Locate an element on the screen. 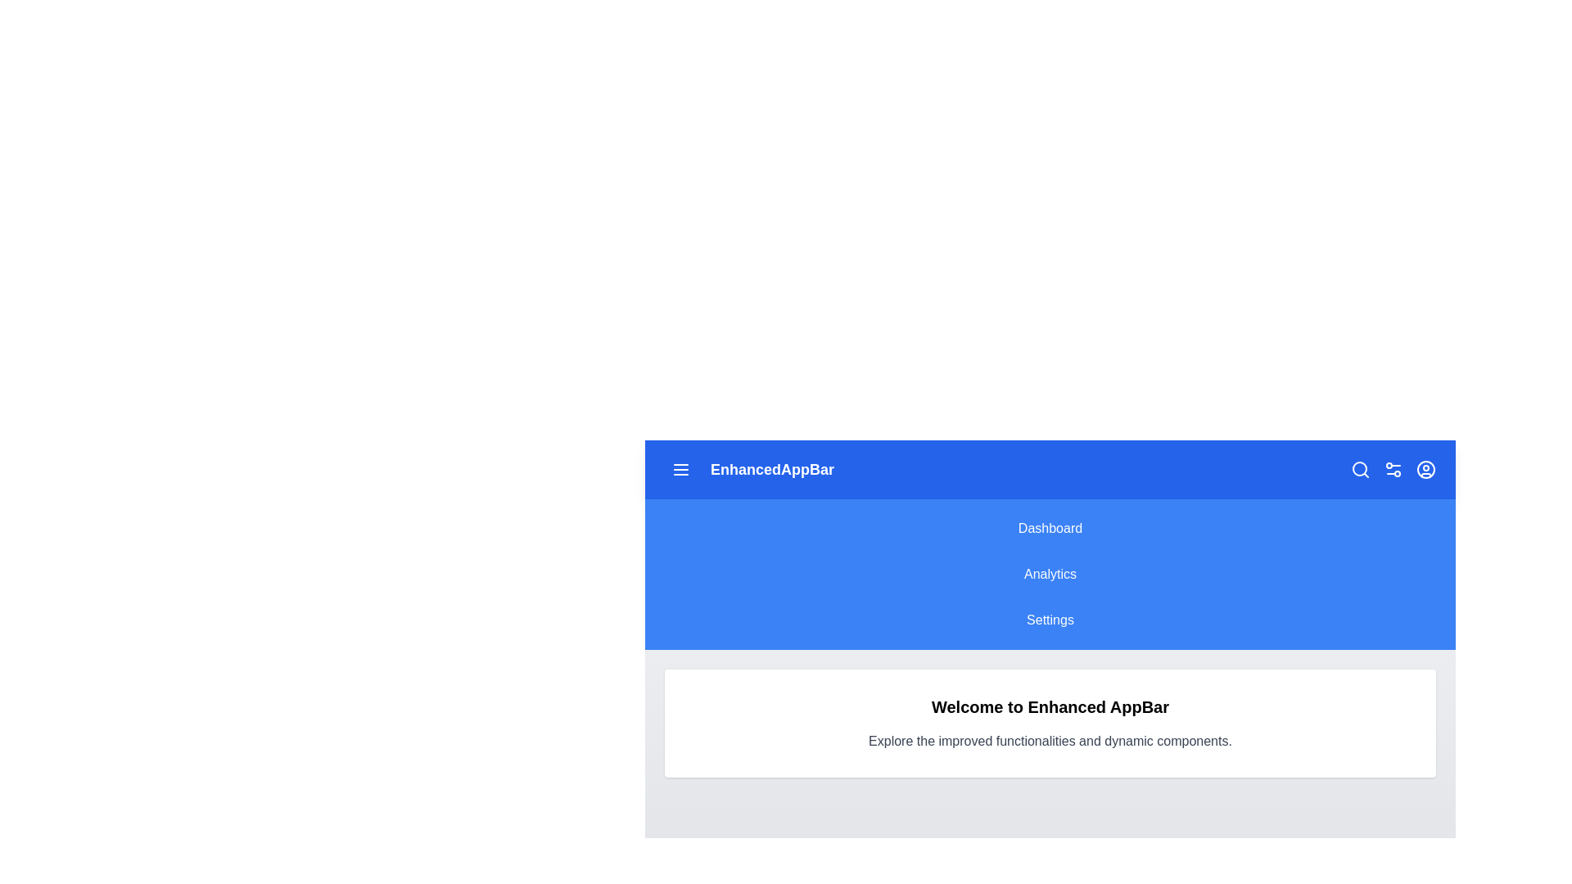 The image size is (1572, 884). the menu item Settings to observe its hover effect is located at coordinates (1050, 620).